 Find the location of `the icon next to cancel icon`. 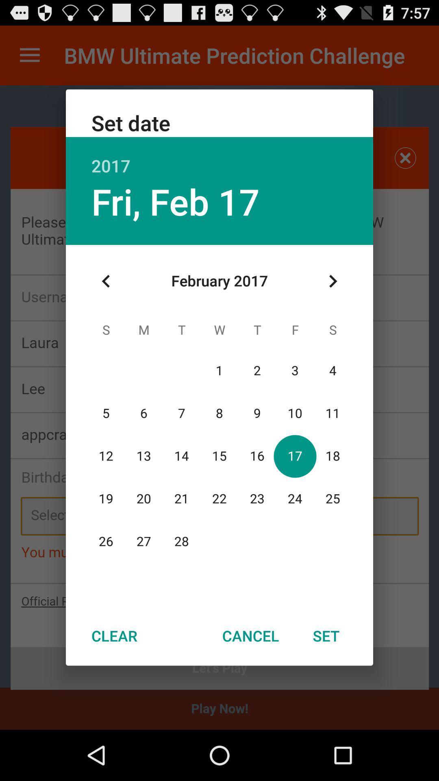

the icon next to cancel icon is located at coordinates (114, 635).